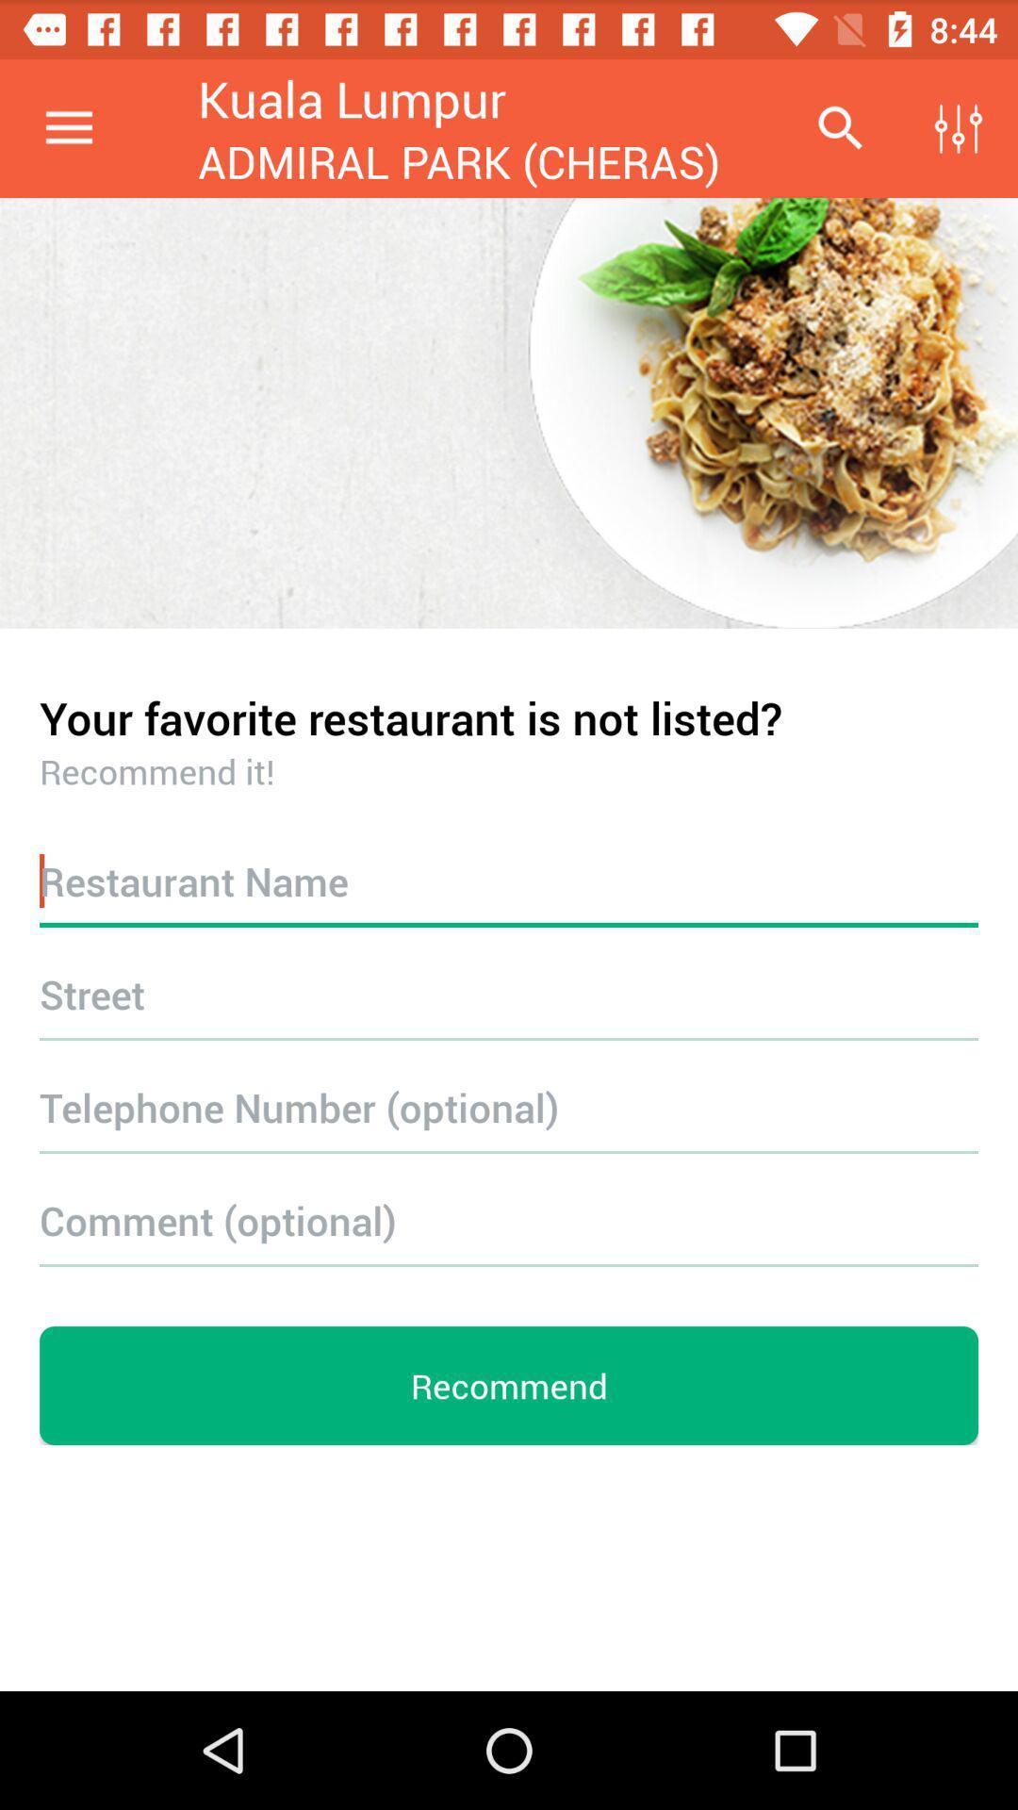  Describe the element at coordinates (68, 127) in the screenshot. I see `the item at the top left corner` at that location.